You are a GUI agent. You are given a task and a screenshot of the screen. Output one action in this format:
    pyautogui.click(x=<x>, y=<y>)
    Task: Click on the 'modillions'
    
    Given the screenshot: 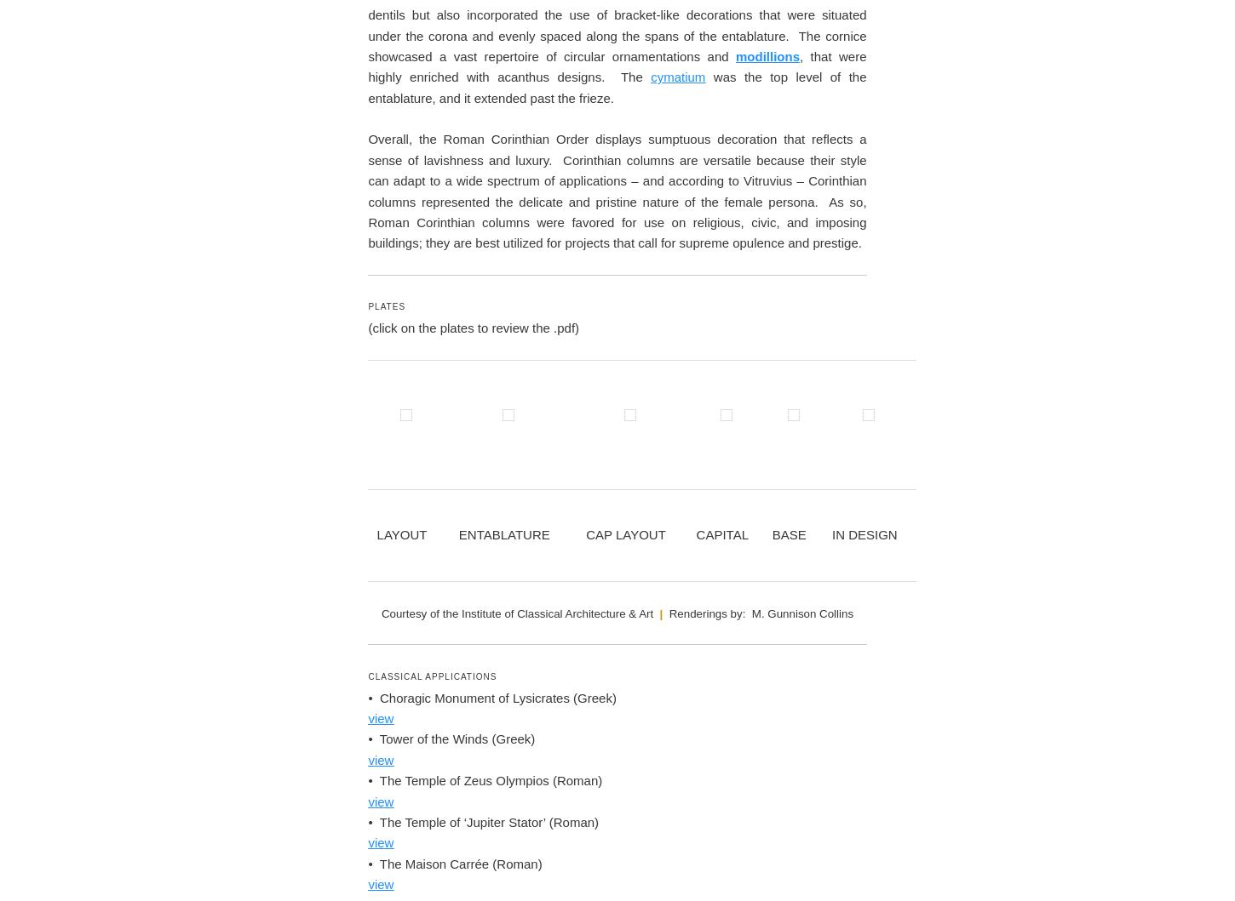 What is the action you would take?
    pyautogui.click(x=767, y=585)
    